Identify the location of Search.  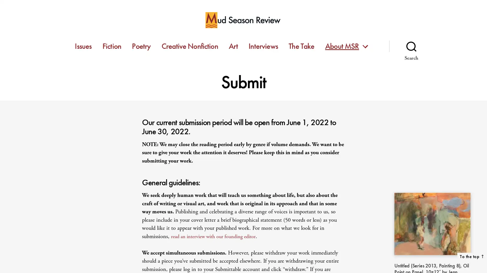
(411, 46).